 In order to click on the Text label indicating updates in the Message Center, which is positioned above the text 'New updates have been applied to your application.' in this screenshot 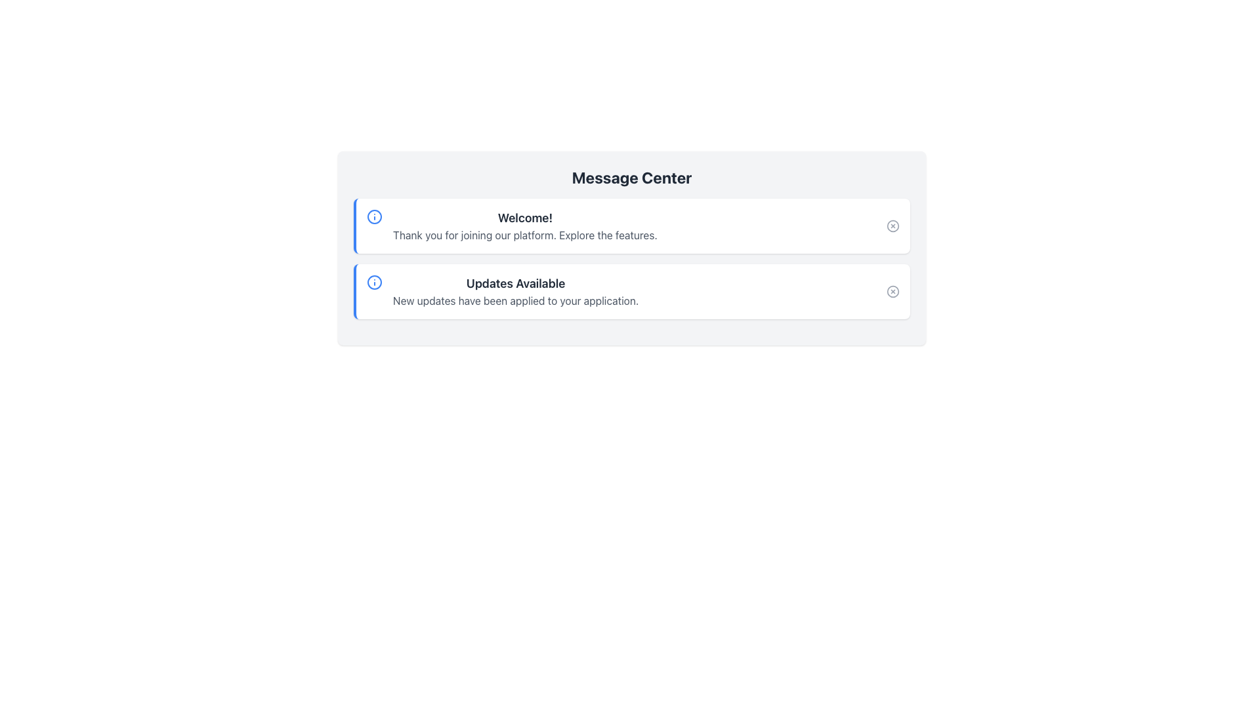, I will do `click(515, 283)`.